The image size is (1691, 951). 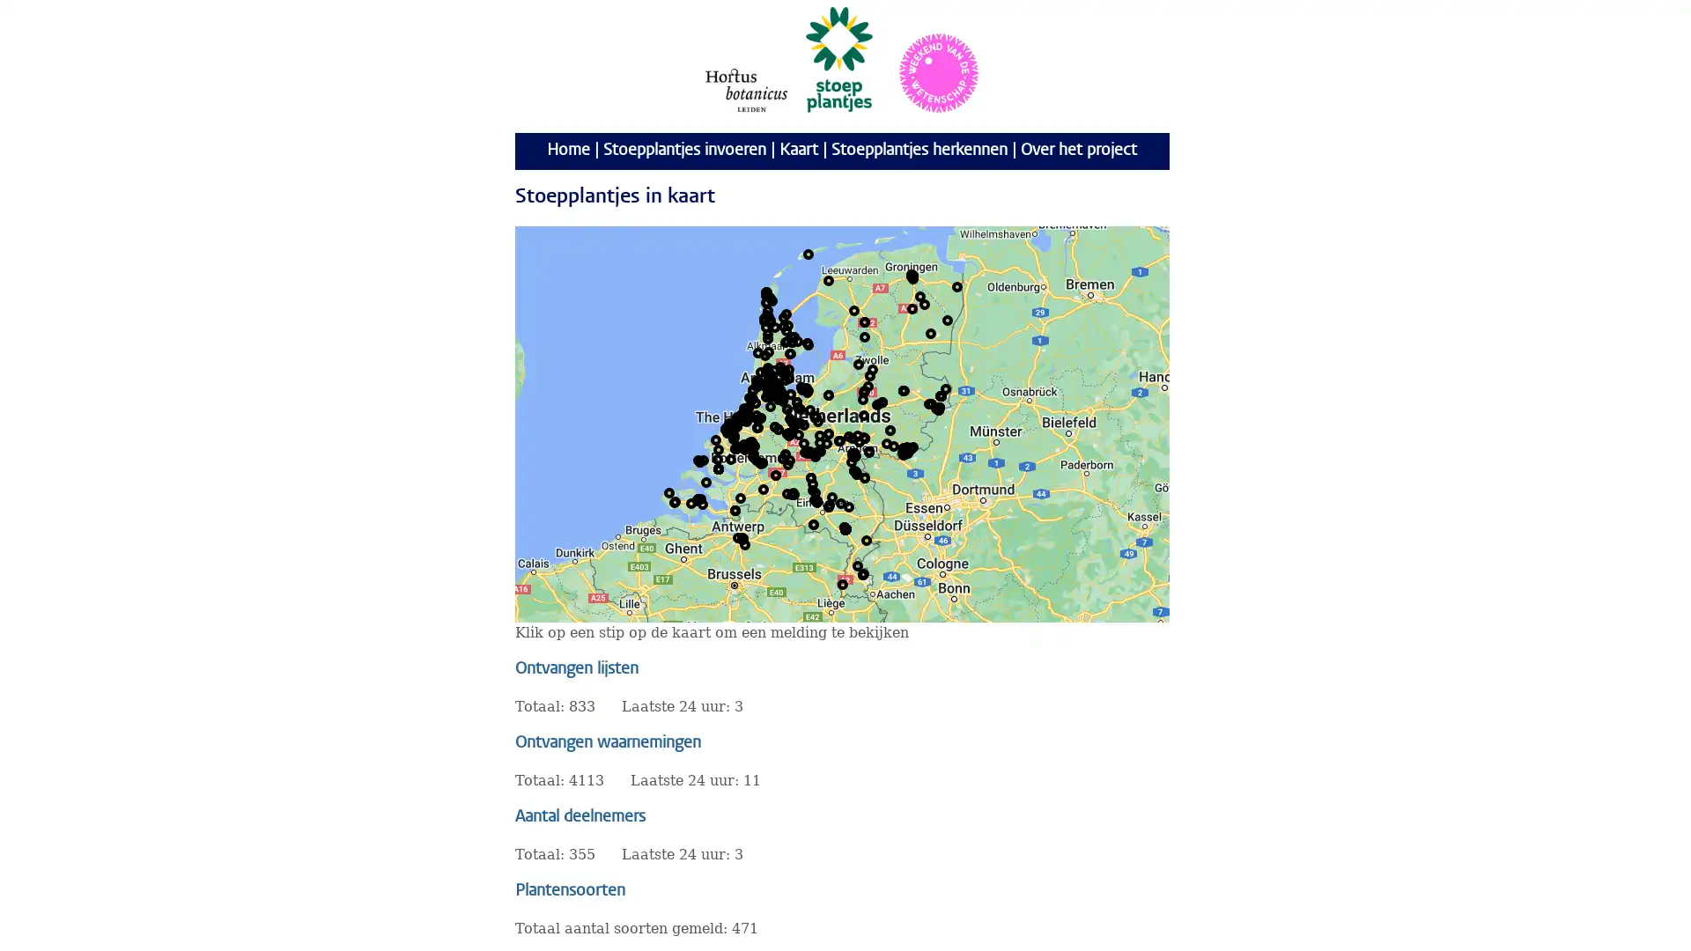 I want to click on Telling van Scouting Titus Brandsma op 04 oktober 2021, so click(x=941, y=394).